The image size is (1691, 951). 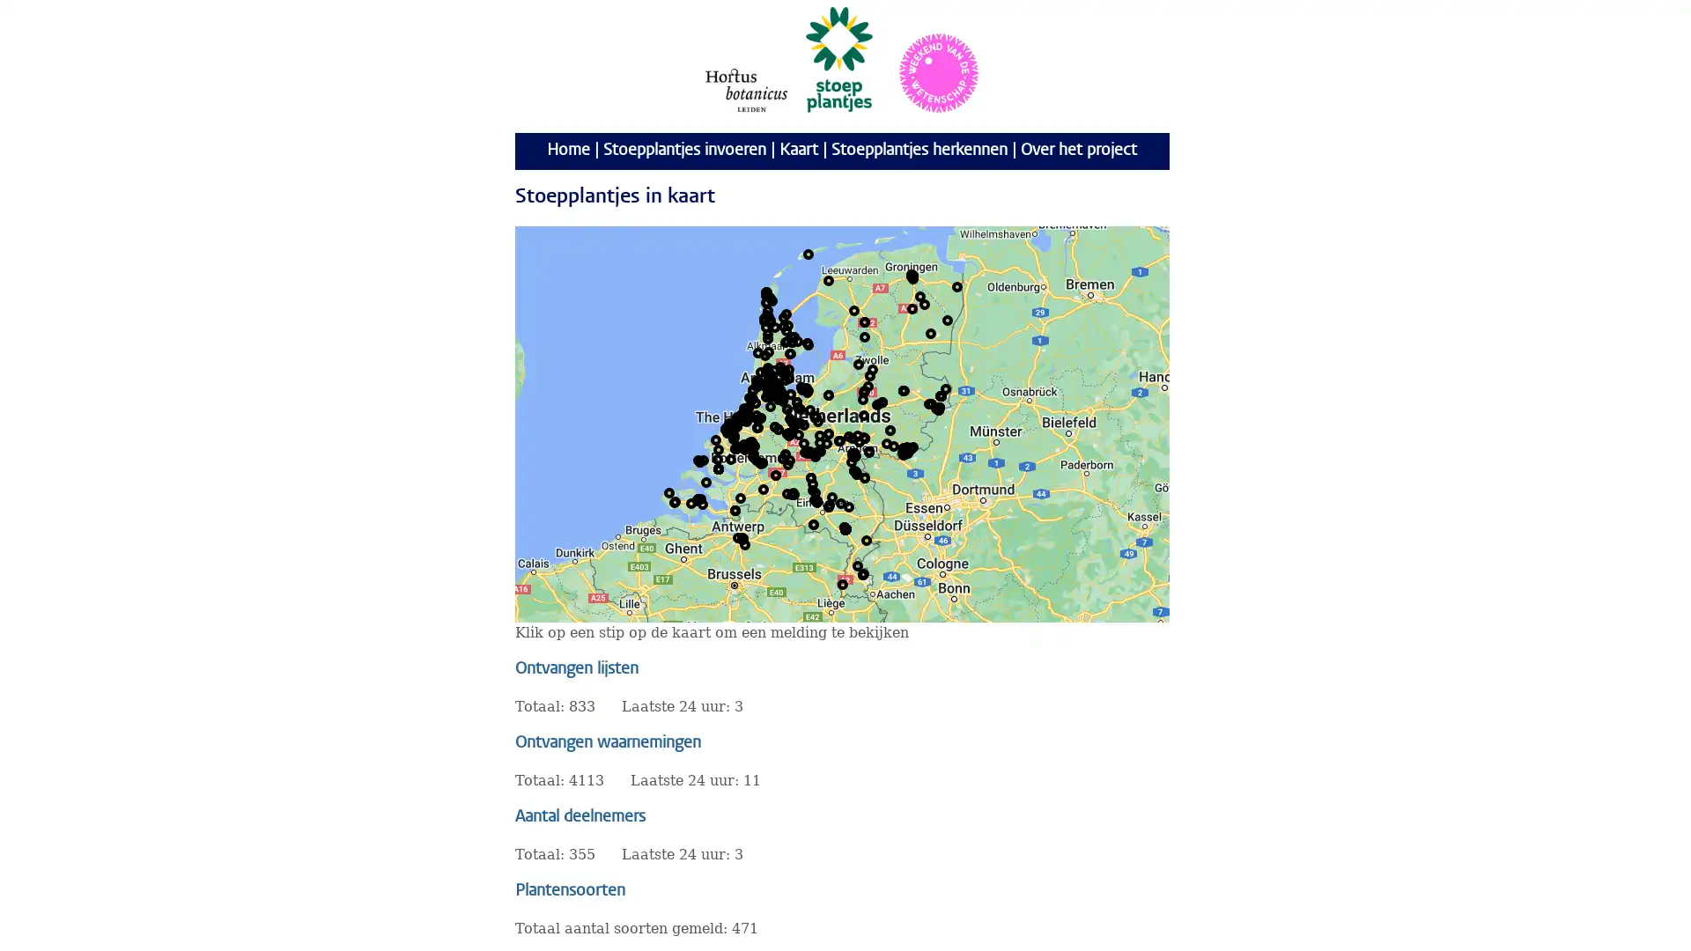 I want to click on Telling van Scouting Titus Brandsma op 04 oktober 2021, so click(x=941, y=394).